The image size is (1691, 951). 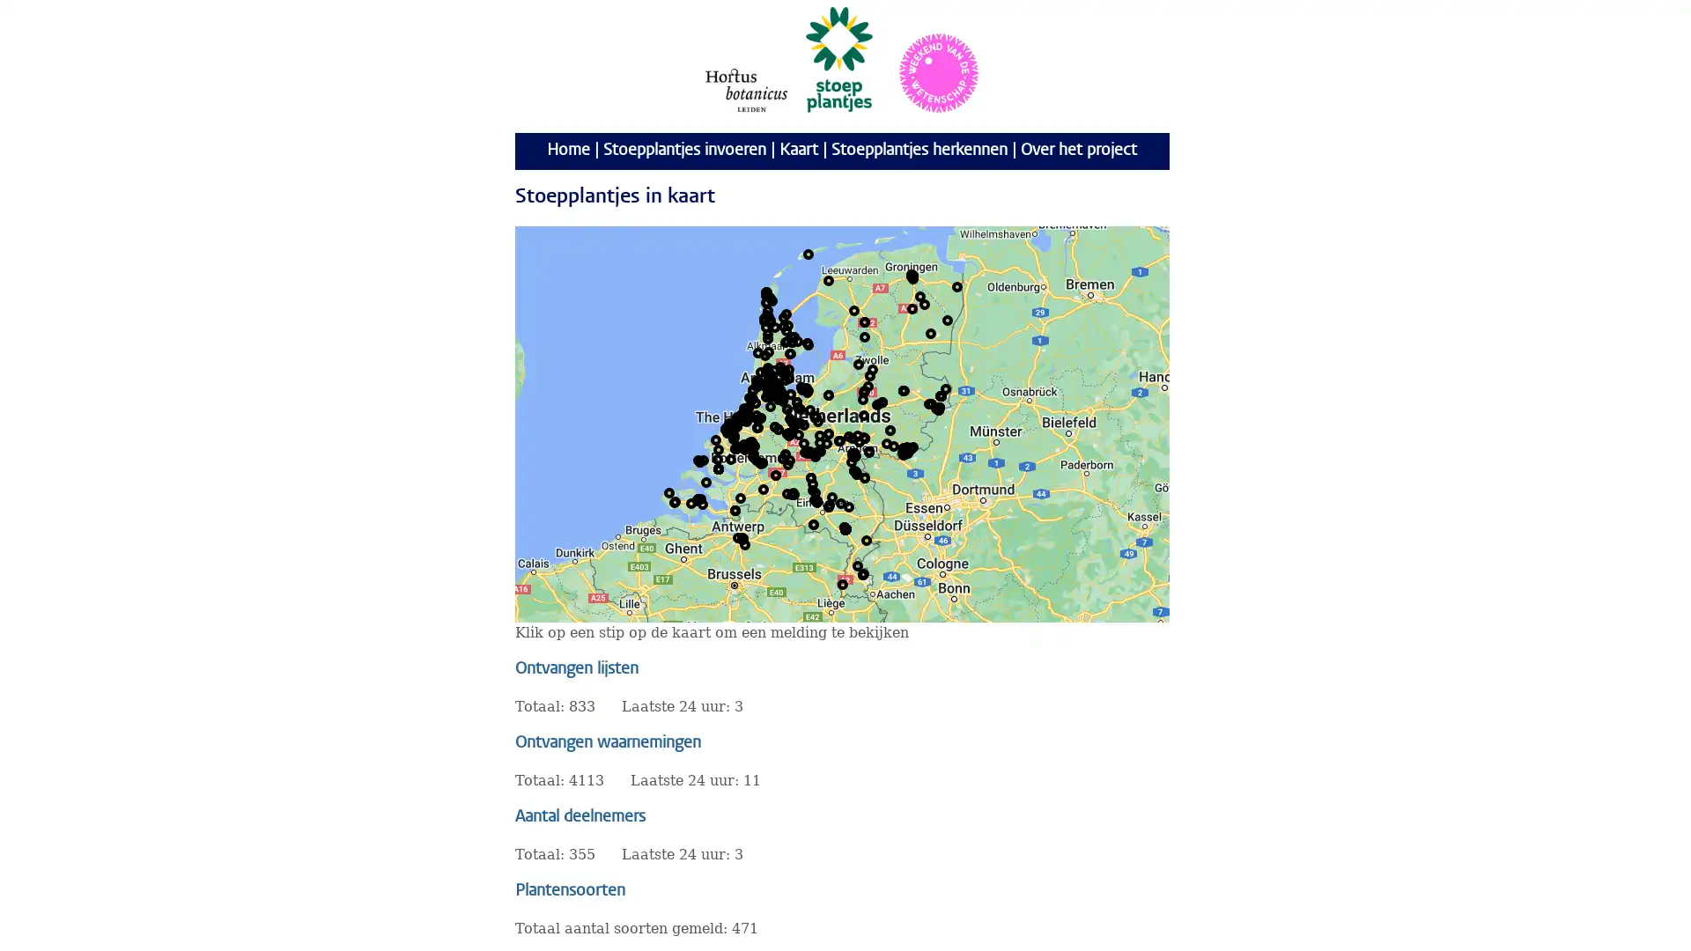 I want to click on Telling van Scouting Titus Brandsma op 04 oktober 2021, so click(x=941, y=394).